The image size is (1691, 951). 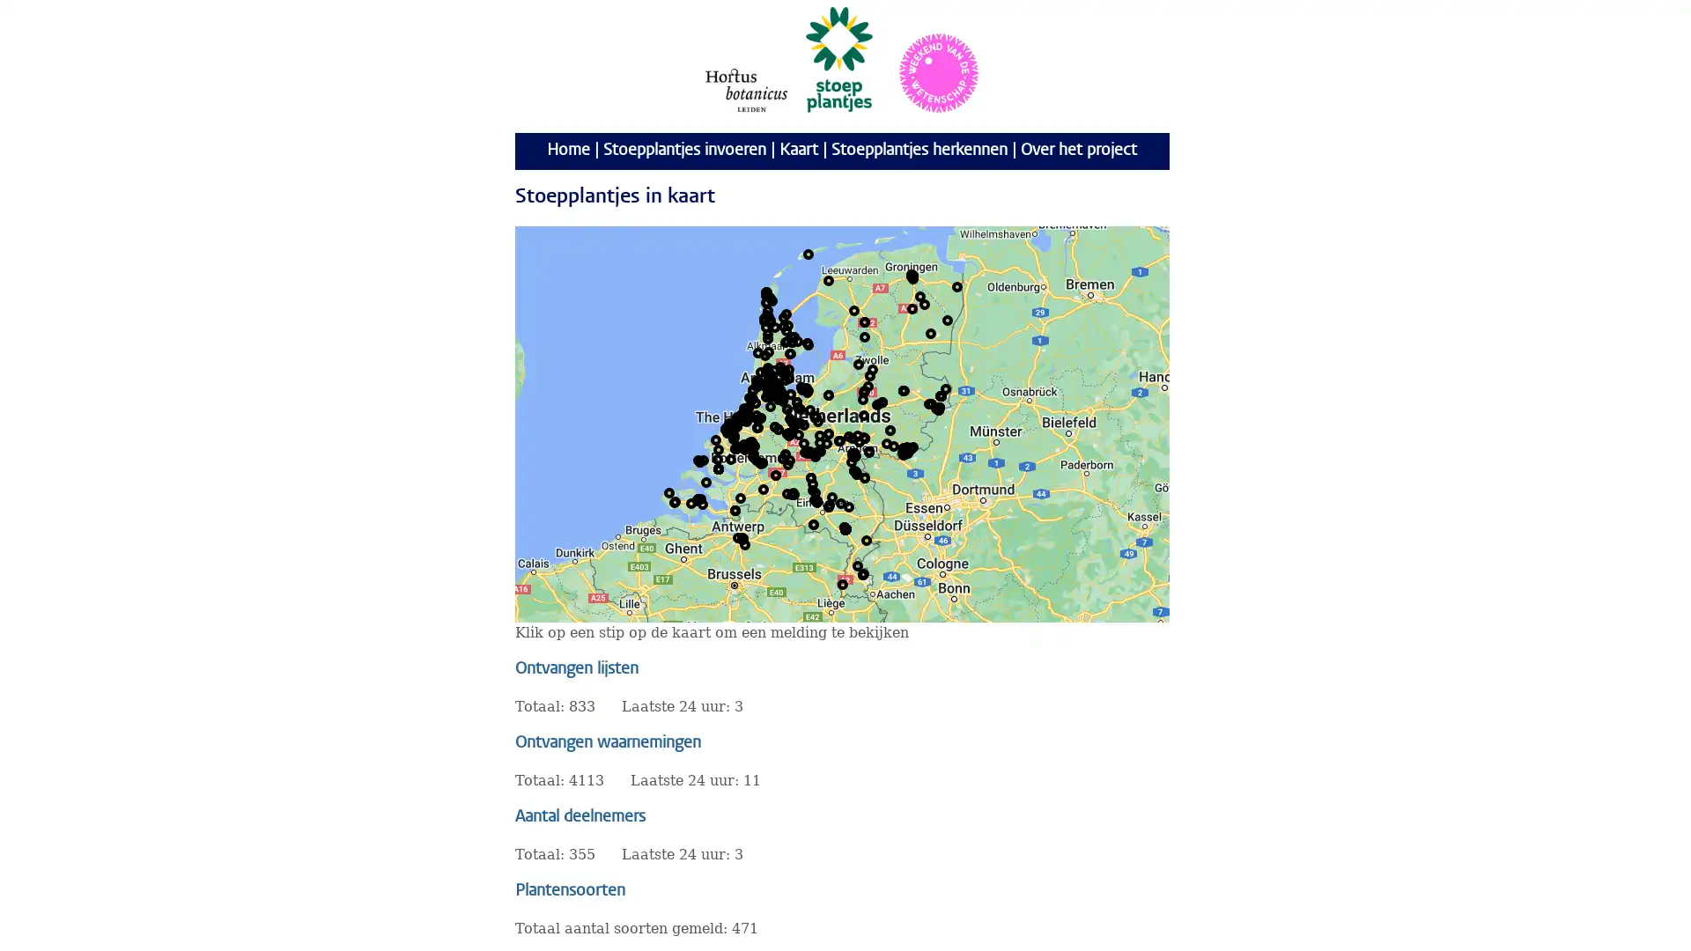 I want to click on Telling van Scouting Titus Brandsma op 04 oktober 2021, so click(x=941, y=394).